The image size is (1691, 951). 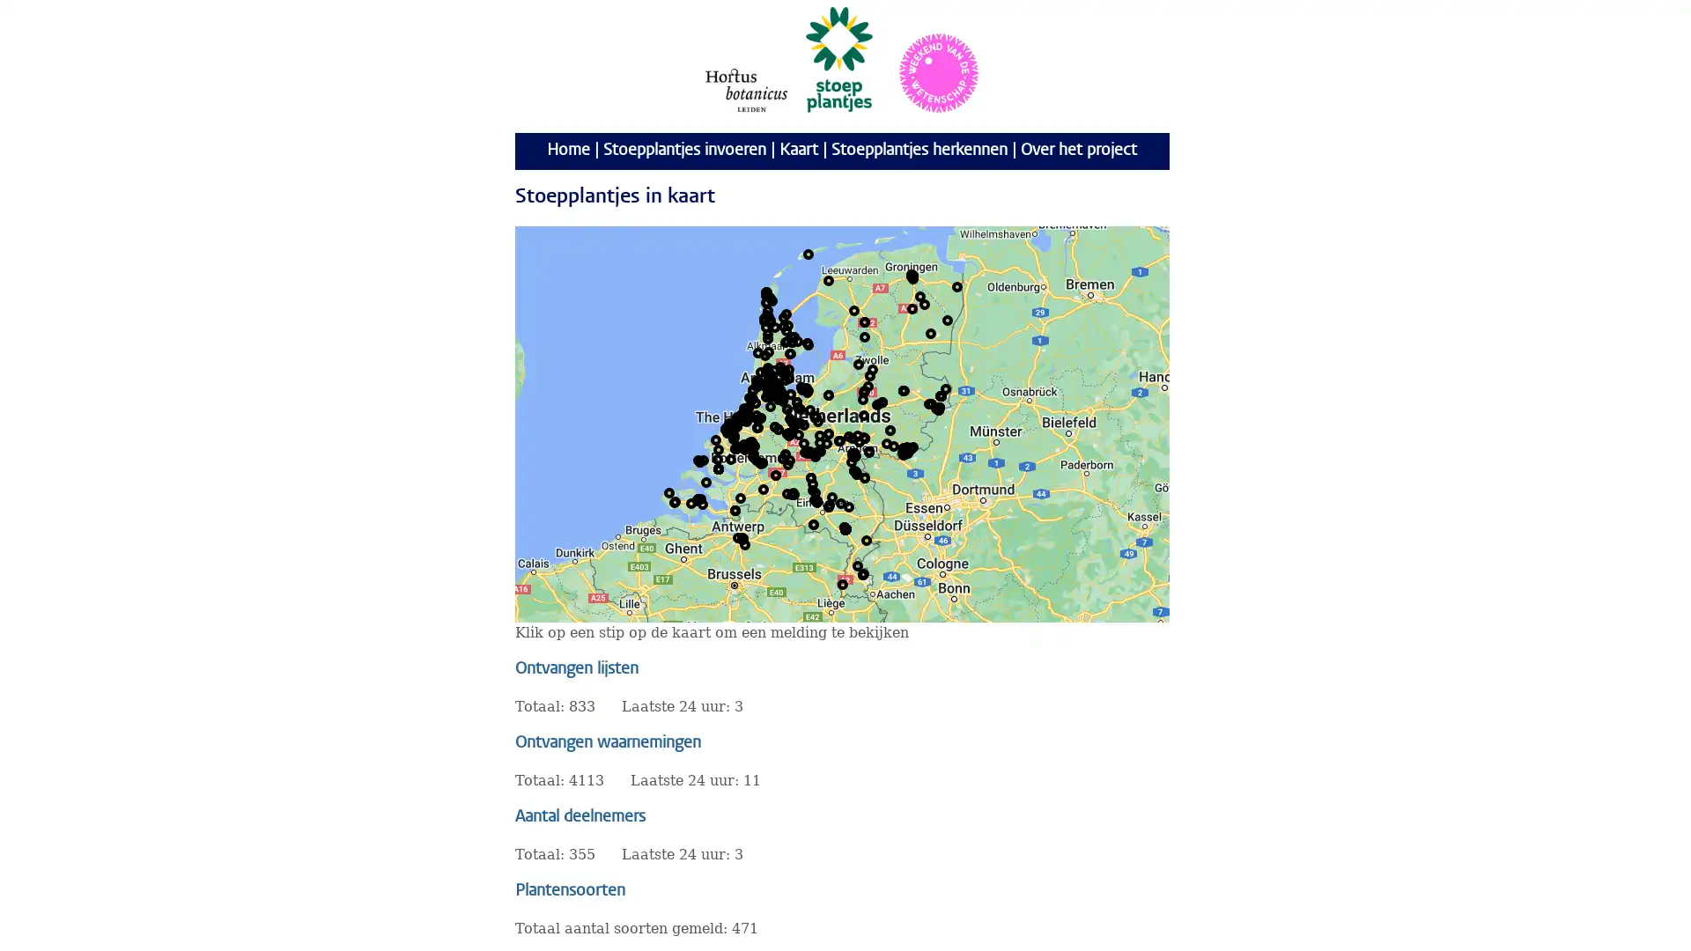 I want to click on Telling van Scouting Titus Brandsma op 04 oktober 2021, so click(x=941, y=394).